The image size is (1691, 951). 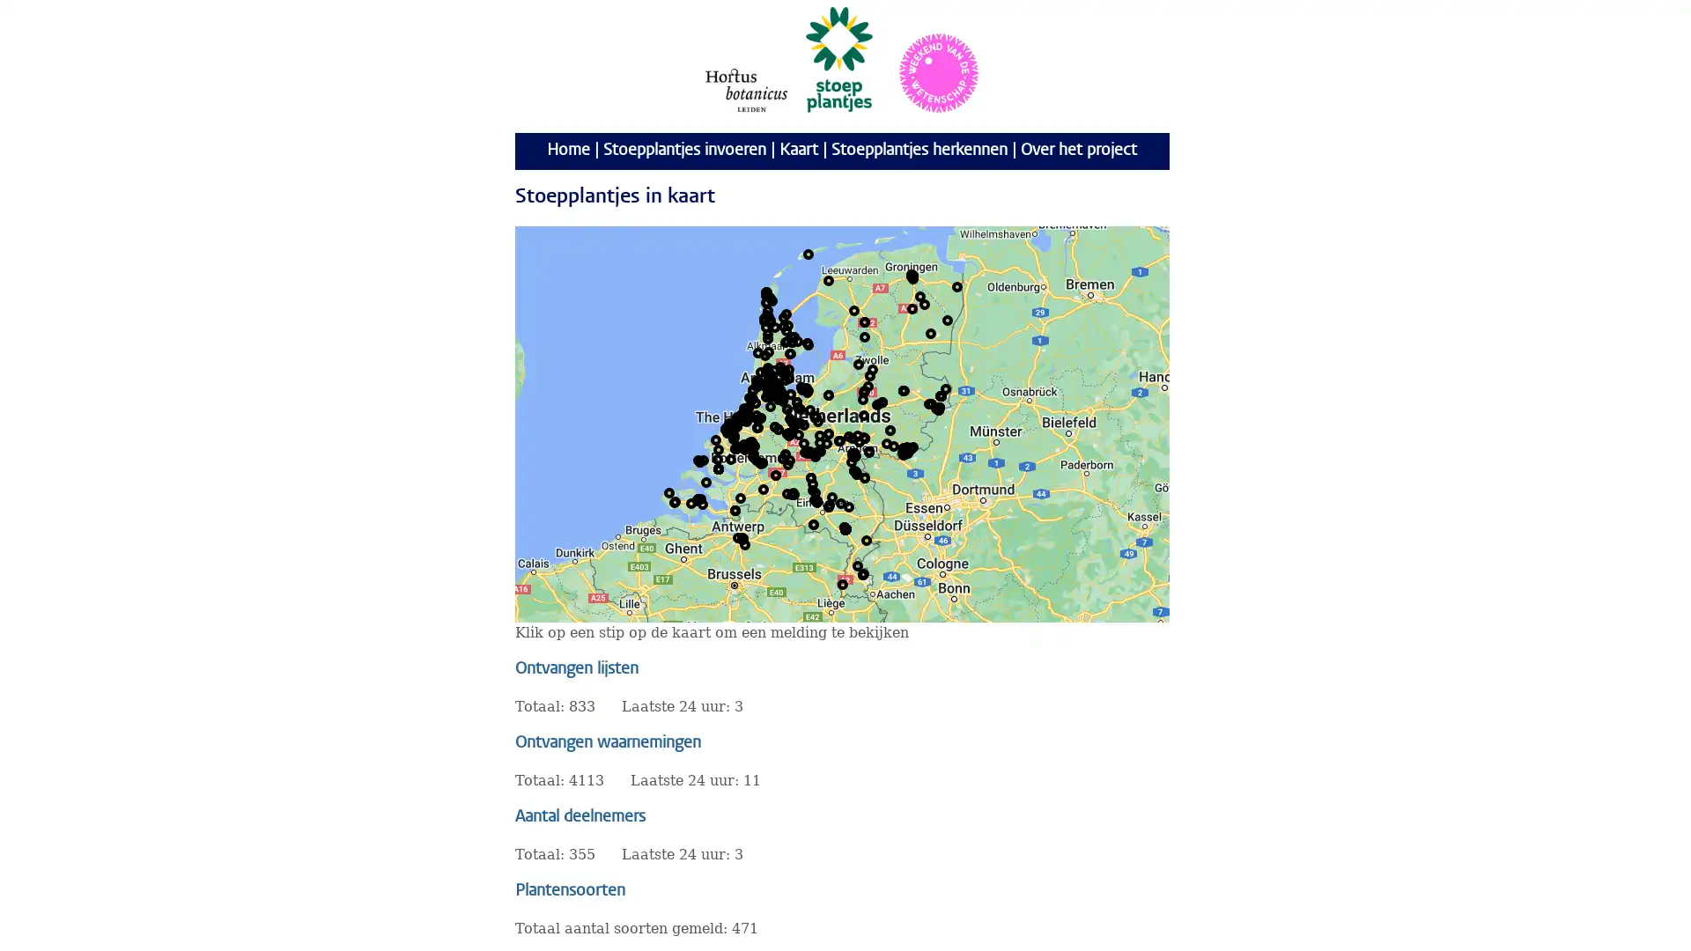 I want to click on Telling van Scouting Titus Brandsma op 04 oktober 2021, so click(x=941, y=394).